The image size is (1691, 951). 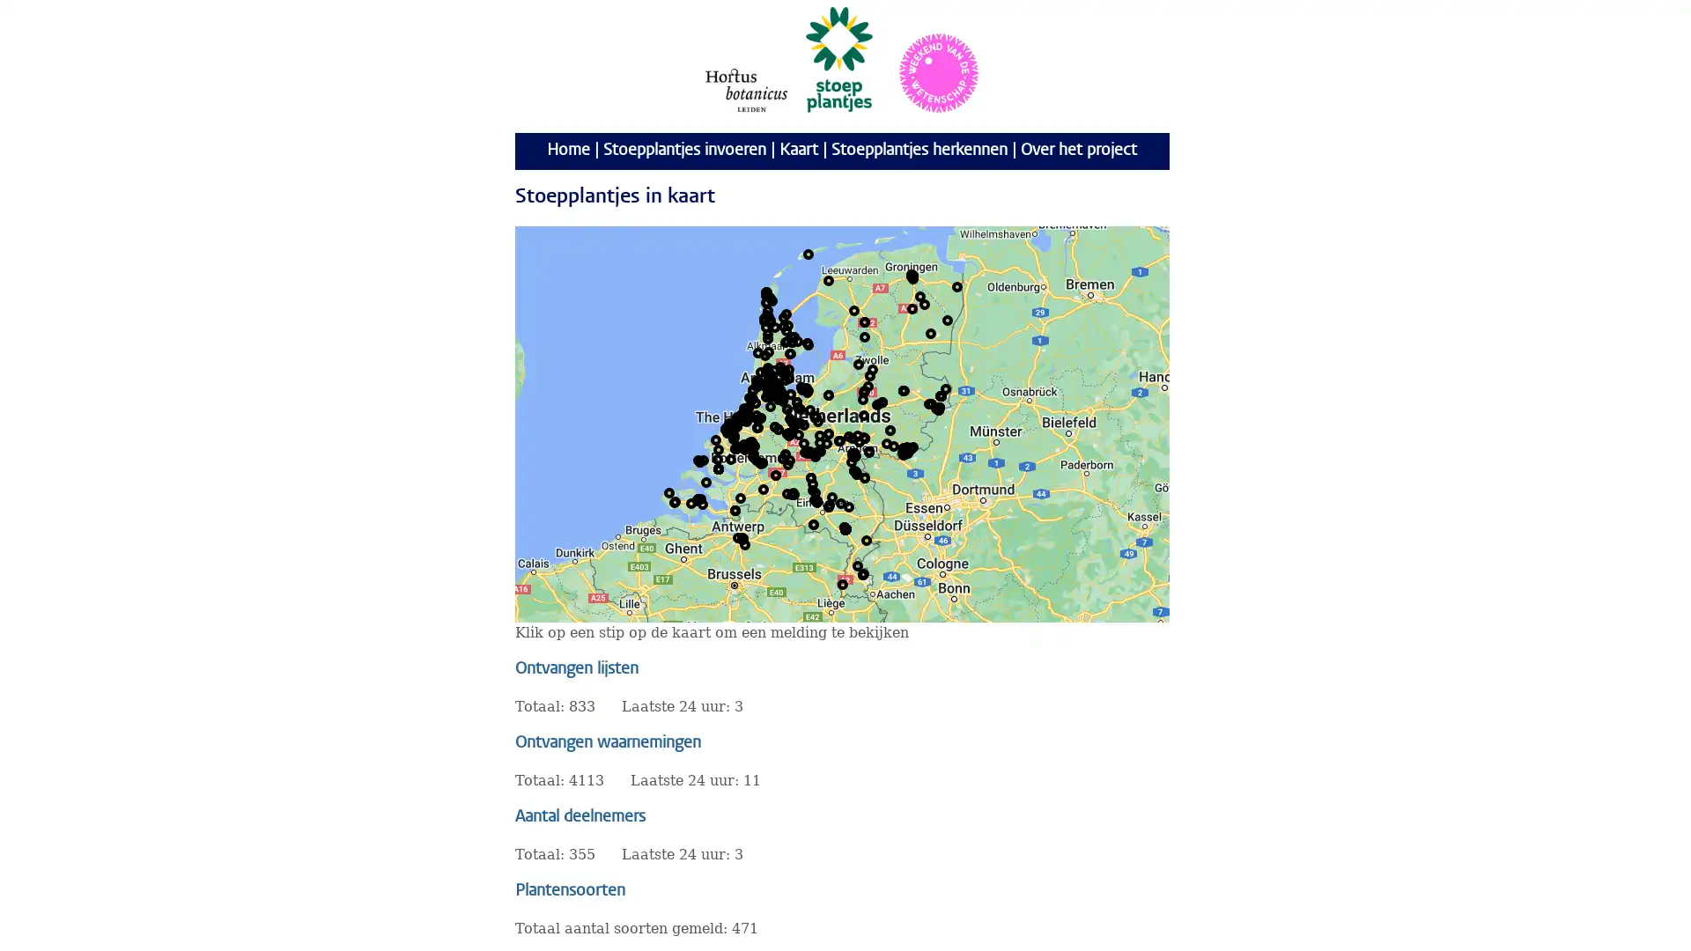 I want to click on Telling van Scouting Titus Brandsma op 04 oktober 2021, so click(x=941, y=394).